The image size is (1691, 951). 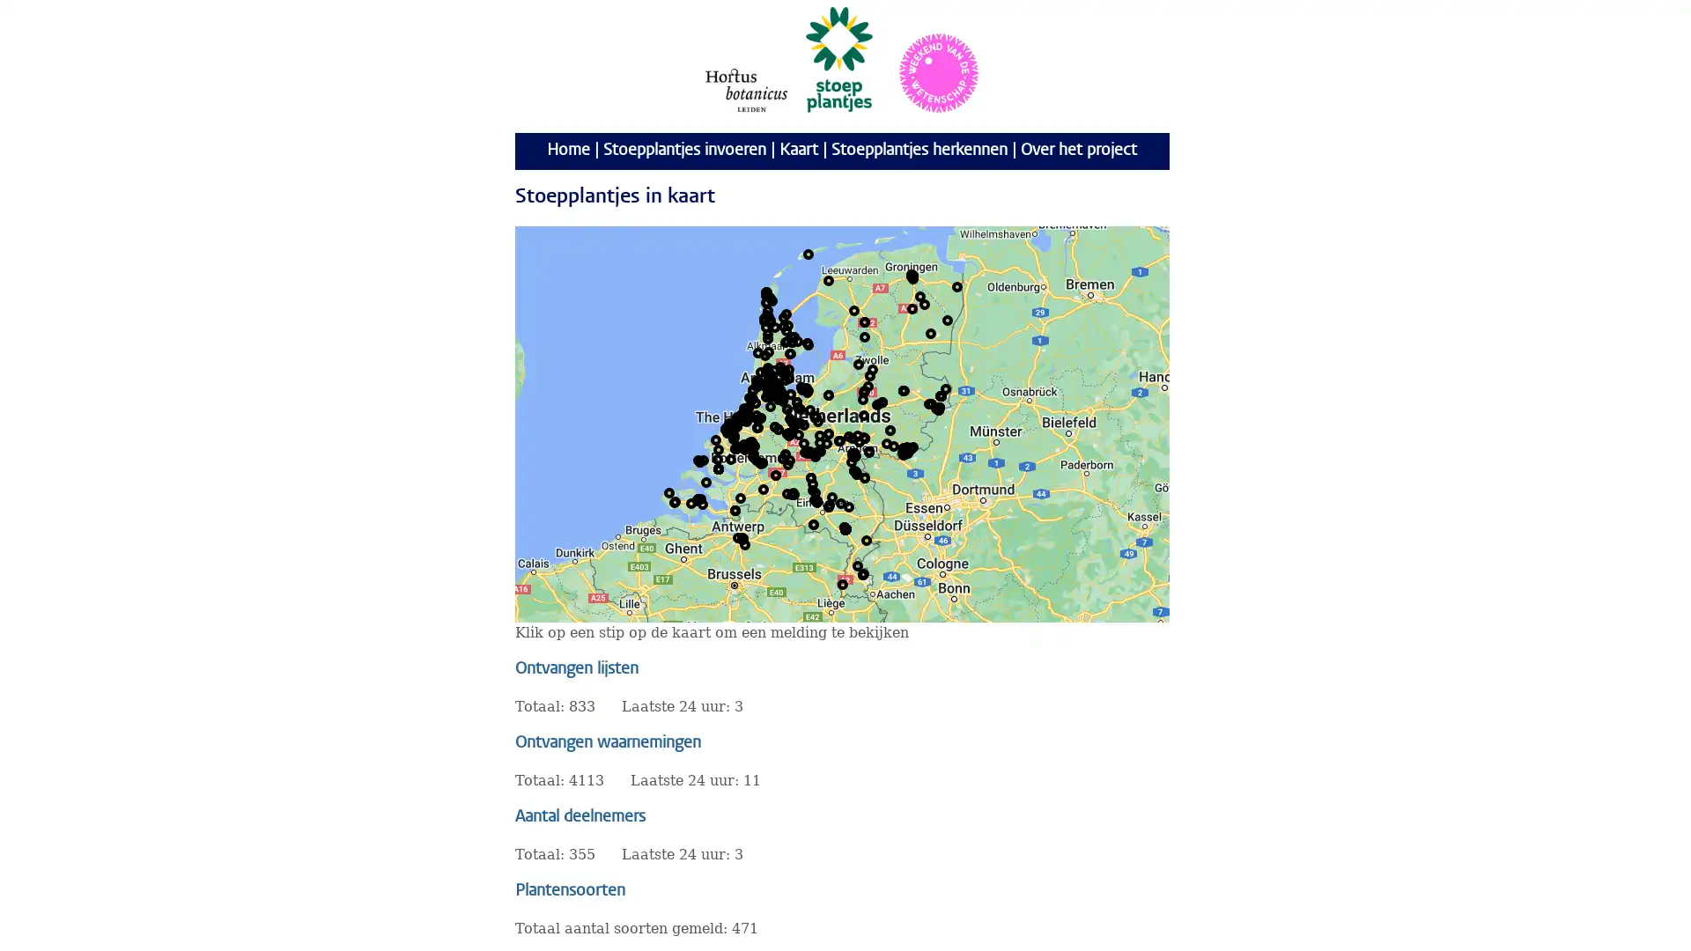 I want to click on Telling van Scouting Titus Brandsma op 04 oktober 2021, so click(x=941, y=394).